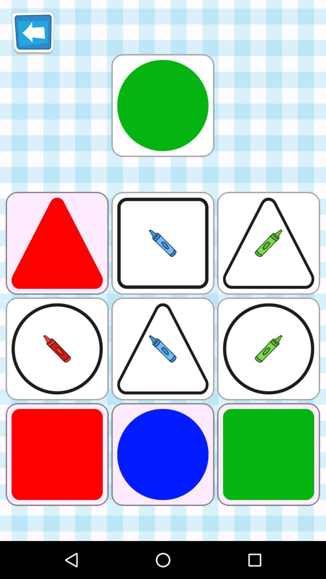  Describe the element at coordinates (162, 105) in the screenshot. I see `this option advertisement` at that location.